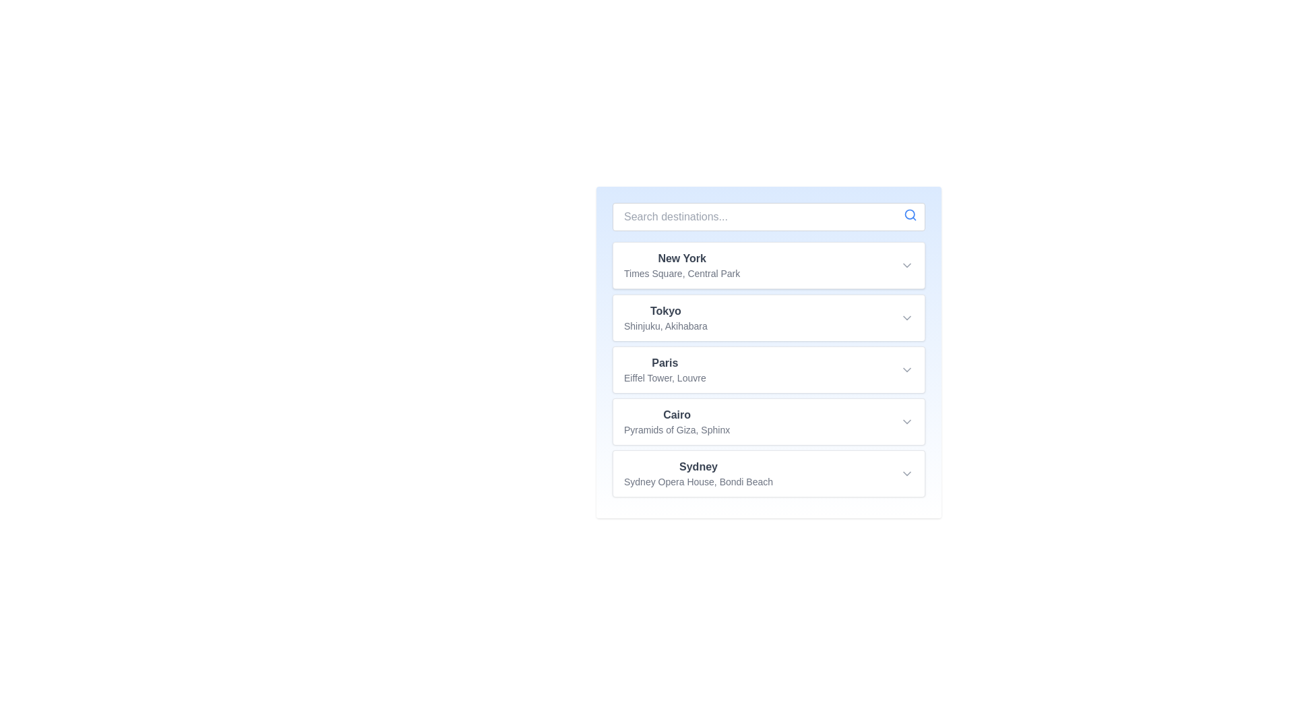 This screenshot has width=1294, height=728. Describe the element at coordinates (665, 317) in the screenshot. I see `the 'Tokyo' text label, which displays 'Tokyo' in bold above 'Shinjuku, Akihabara'` at that location.